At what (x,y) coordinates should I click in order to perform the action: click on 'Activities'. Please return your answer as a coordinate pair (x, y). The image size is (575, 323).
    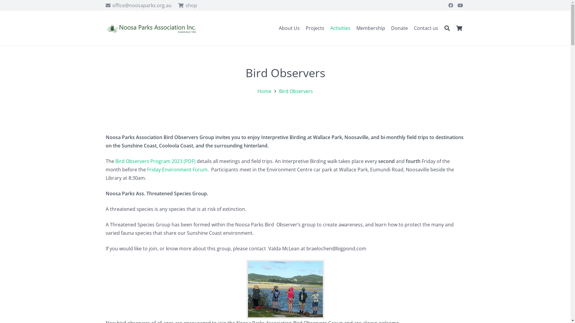
    Looking at the image, I should click on (340, 28).